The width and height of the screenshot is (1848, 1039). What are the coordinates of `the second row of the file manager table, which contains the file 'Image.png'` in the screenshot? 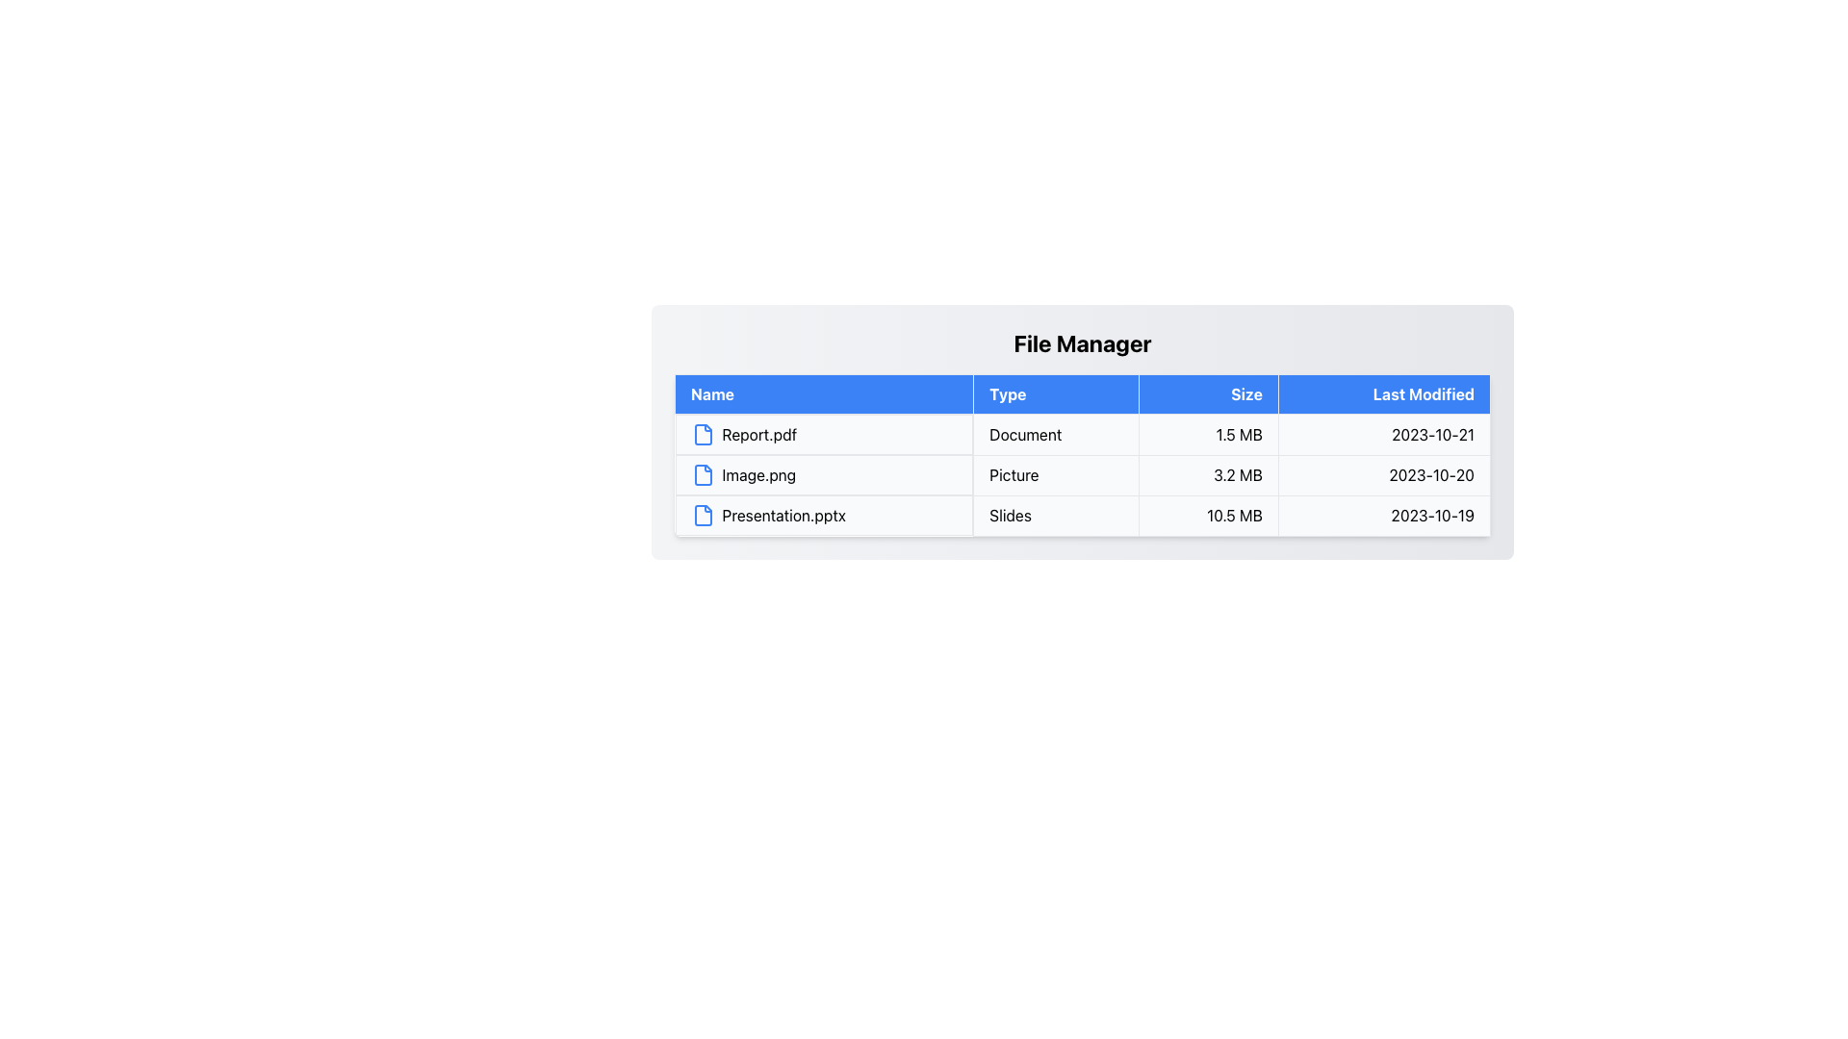 It's located at (1082, 474).